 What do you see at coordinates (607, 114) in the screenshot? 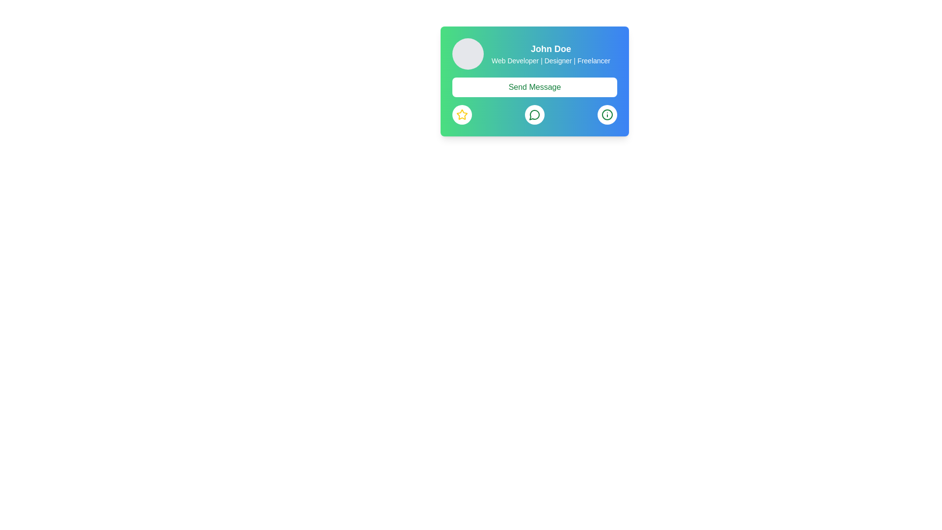
I see `the central circular element of the three-layer SVG structure located below the 'Send Message' button in the profile card UI` at bounding box center [607, 114].